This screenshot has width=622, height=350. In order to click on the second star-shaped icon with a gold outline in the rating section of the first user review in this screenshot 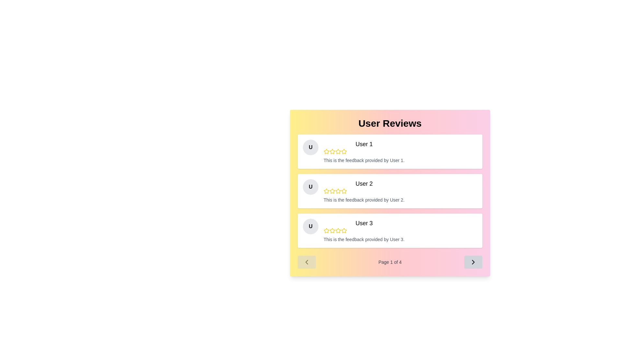, I will do `click(332, 151)`.